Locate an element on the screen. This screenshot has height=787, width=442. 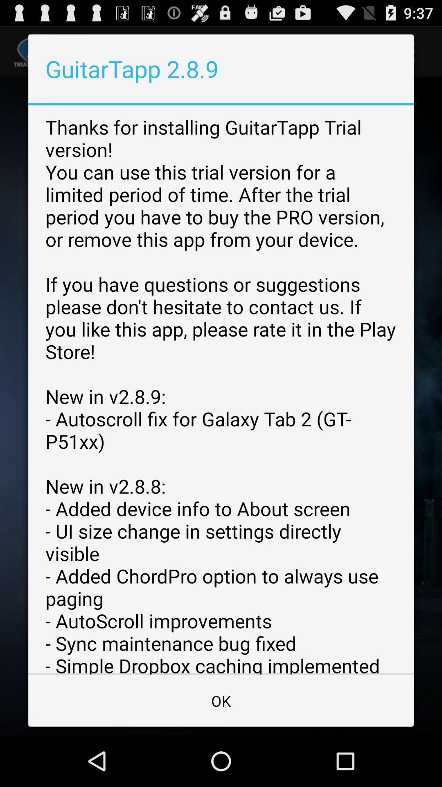
the ok item is located at coordinates (221, 700).